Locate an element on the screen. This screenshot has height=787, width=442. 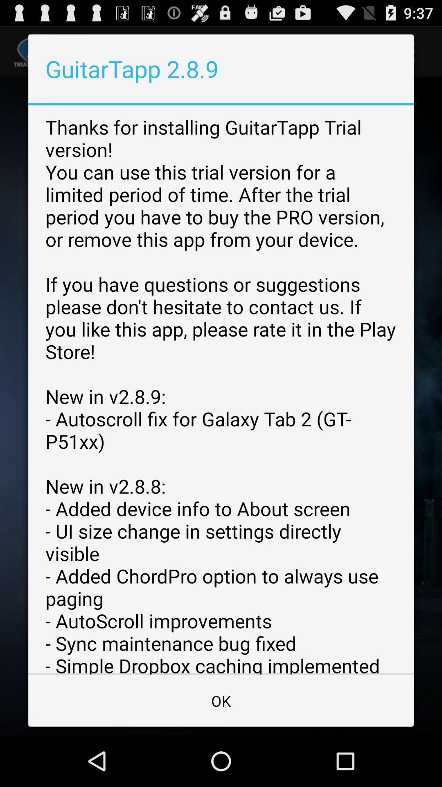
the ok item is located at coordinates (221, 700).